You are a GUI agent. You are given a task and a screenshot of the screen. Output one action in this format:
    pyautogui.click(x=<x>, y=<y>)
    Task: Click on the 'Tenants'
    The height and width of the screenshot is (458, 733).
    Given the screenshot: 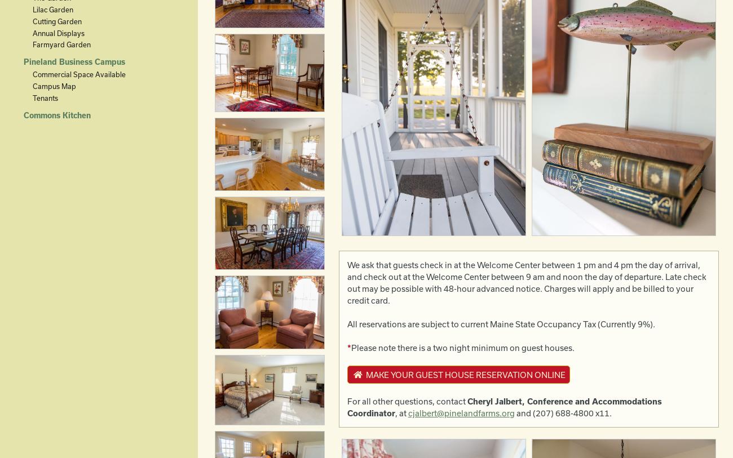 What is the action you would take?
    pyautogui.click(x=45, y=97)
    